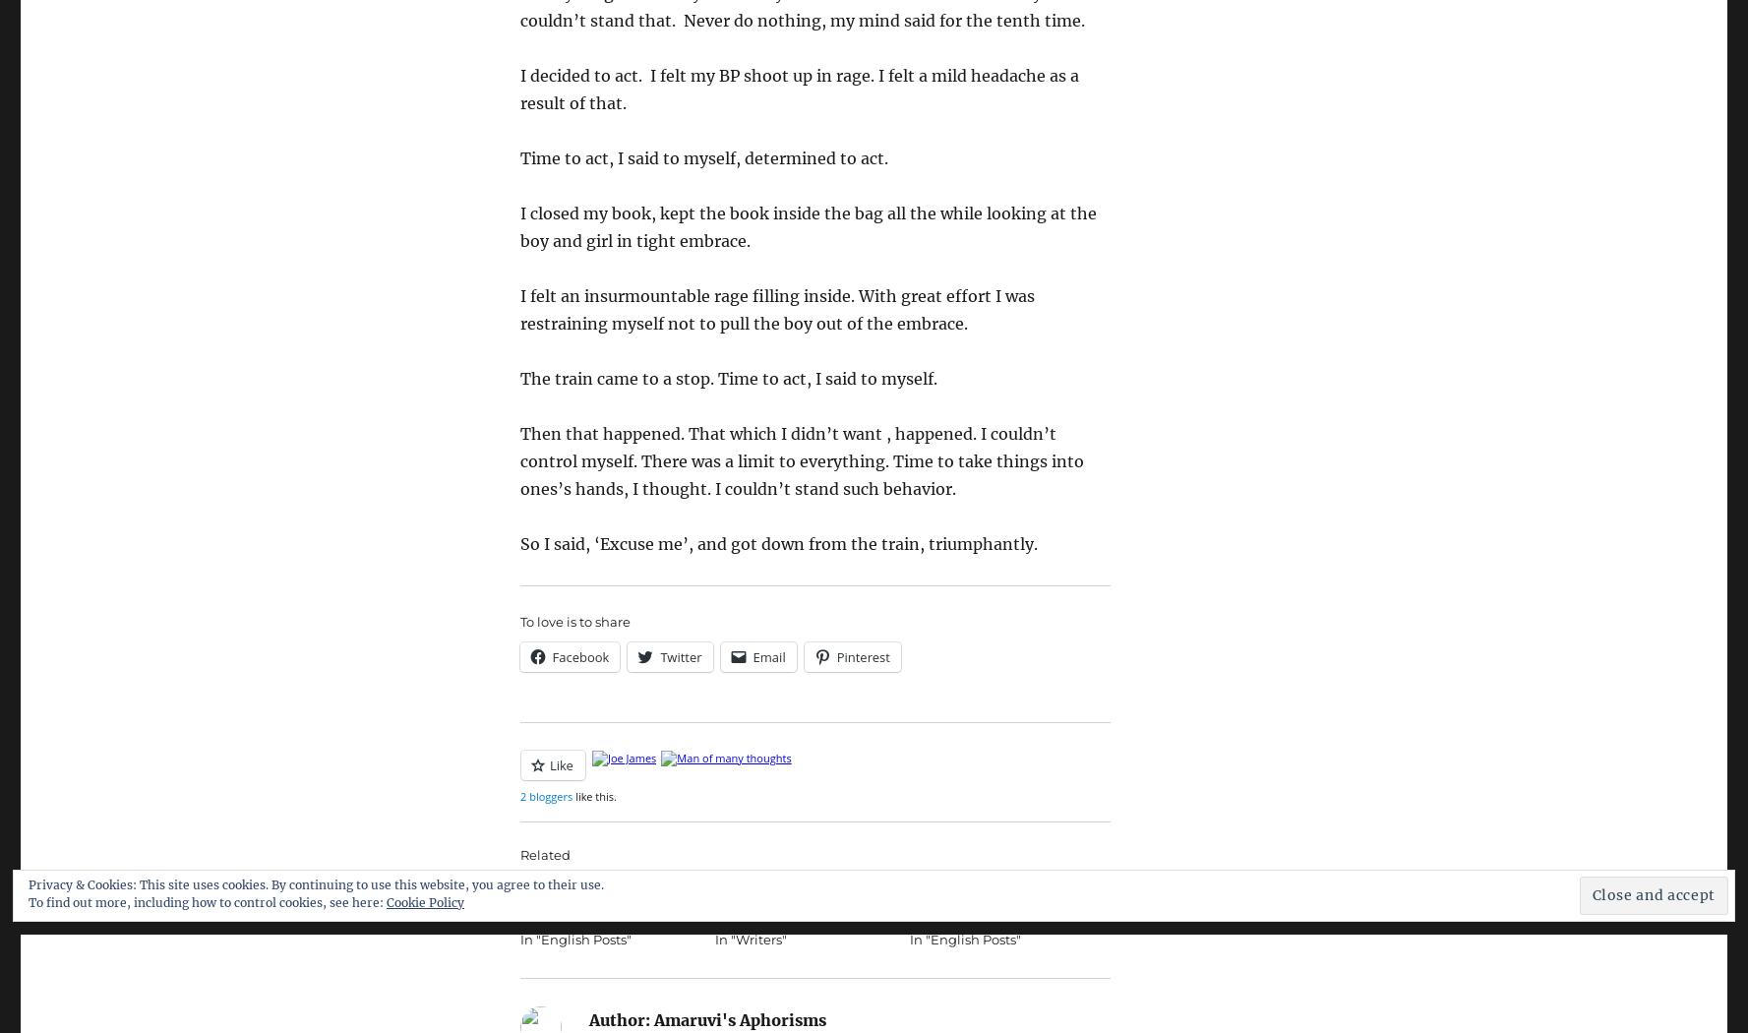 The height and width of the screenshot is (1033, 1748). What do you see at coordinates (796, 885) in the screenshot?
I see `'In pursuit of a noble thing'` at bounding box center [796, 885].